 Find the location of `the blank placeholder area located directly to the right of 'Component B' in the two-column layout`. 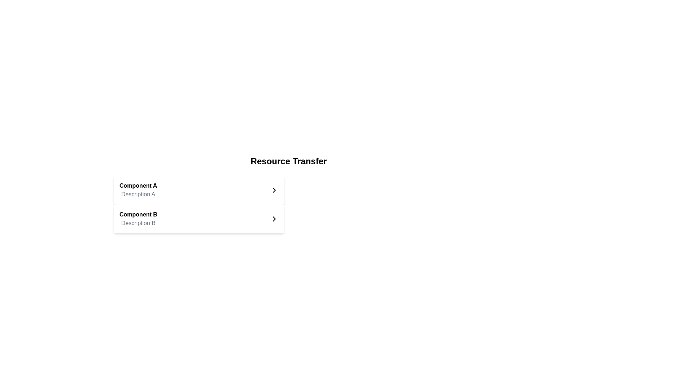

the blank placeholder area located directly to the right of 'Component B' in the two-column layout is located at coordinates (378, 204).